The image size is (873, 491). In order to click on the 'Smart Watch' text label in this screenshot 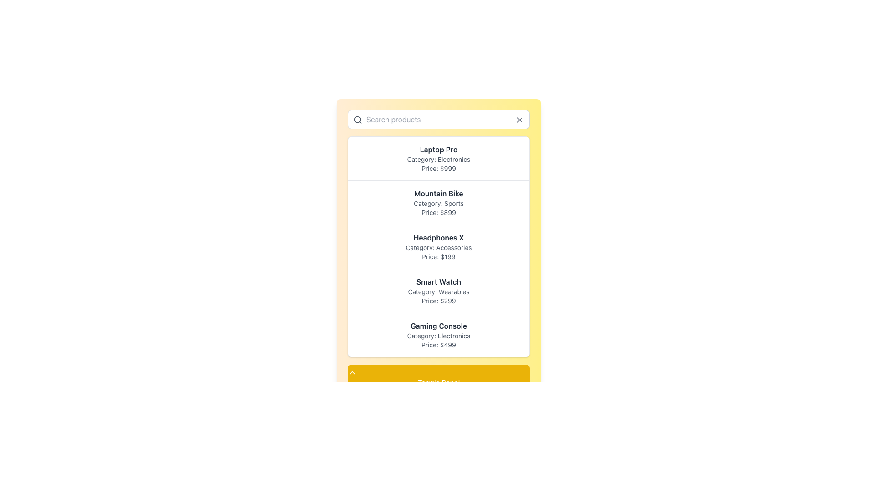, I will do `click(438, 281)`.